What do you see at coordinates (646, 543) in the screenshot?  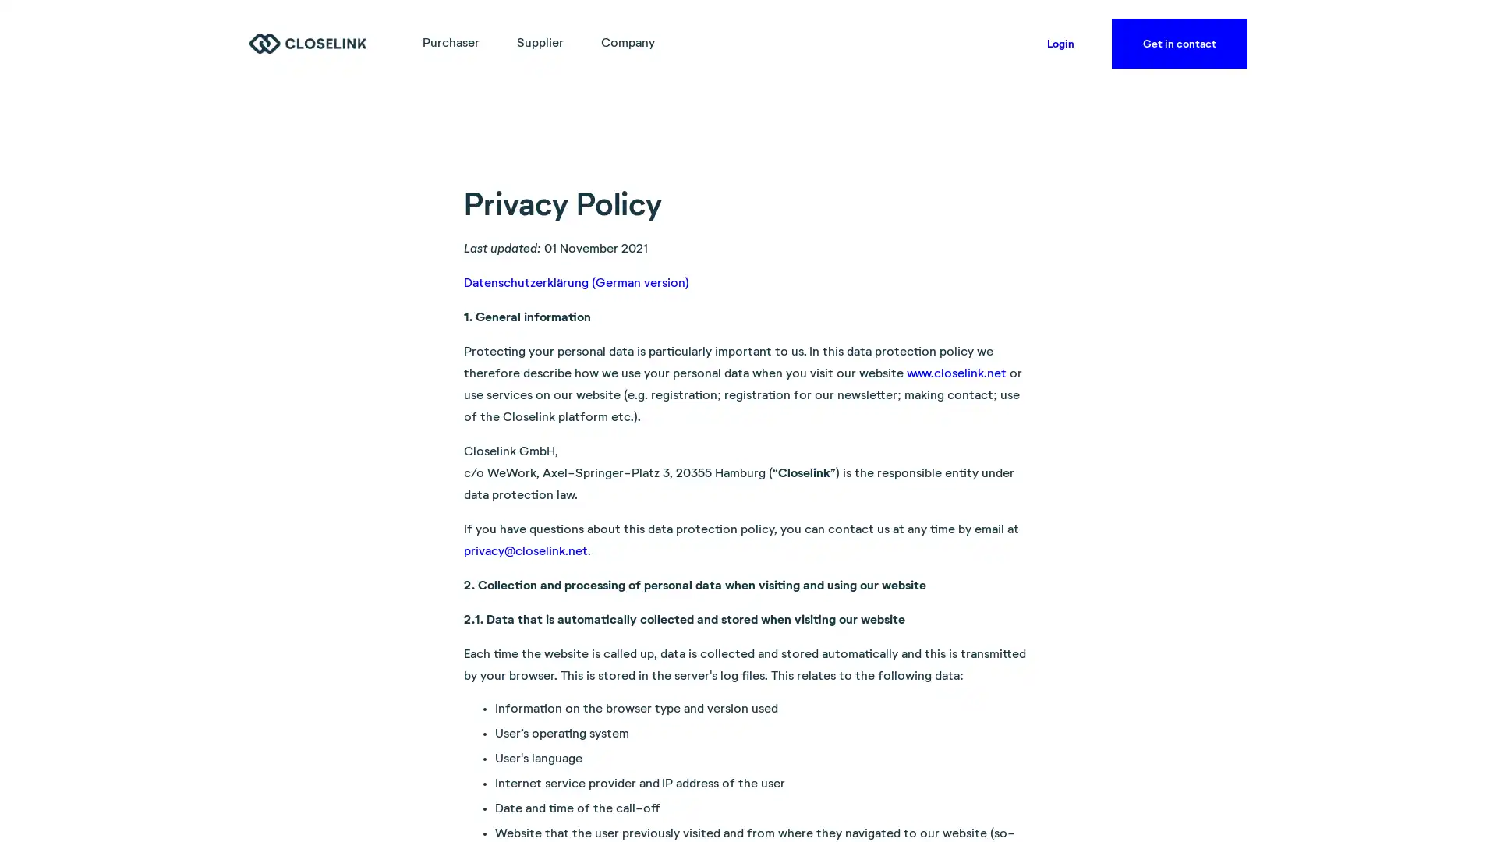 I see `Accept necessary` at bounding box center [646, 543].